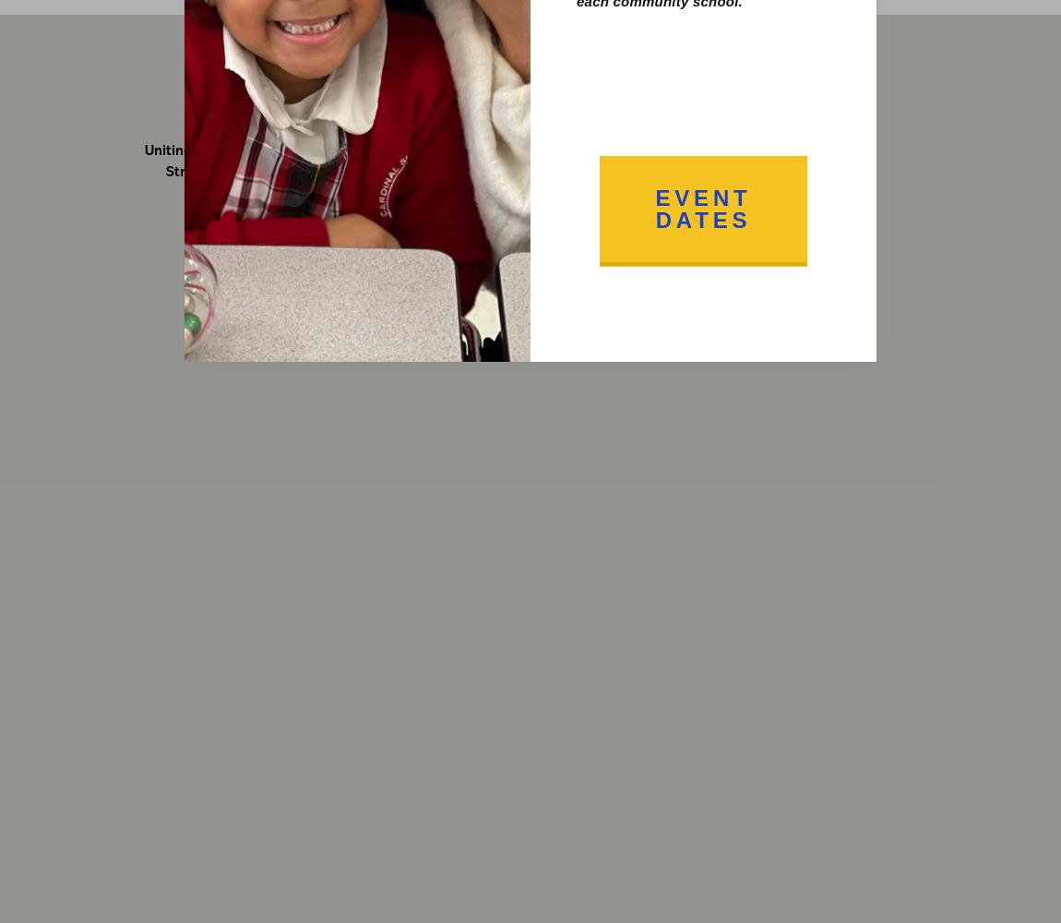  I want to click on '308 W. Joppa Road', so click(749, 192).